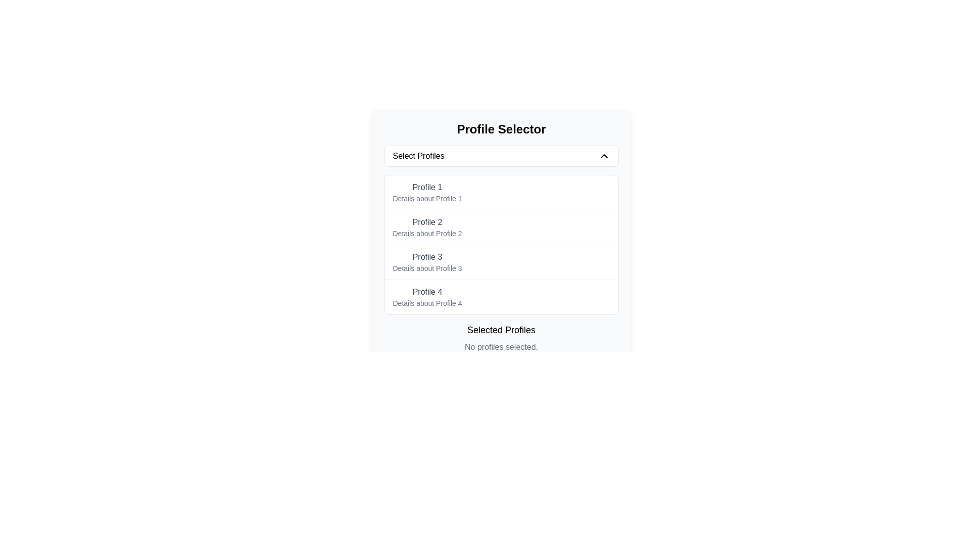 This screenshot has width=970, height=546. Describe the element at coordinates (427, 199) in the screenshot. I see `additional information text label located under the heading 'Profile 1' in the first entry of the profiles list, which is positioned on the second line` at that location.